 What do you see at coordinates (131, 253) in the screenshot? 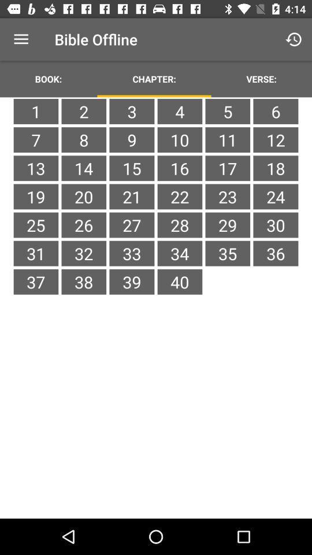
I see `the 33 item` at bounding box center [131, 253].